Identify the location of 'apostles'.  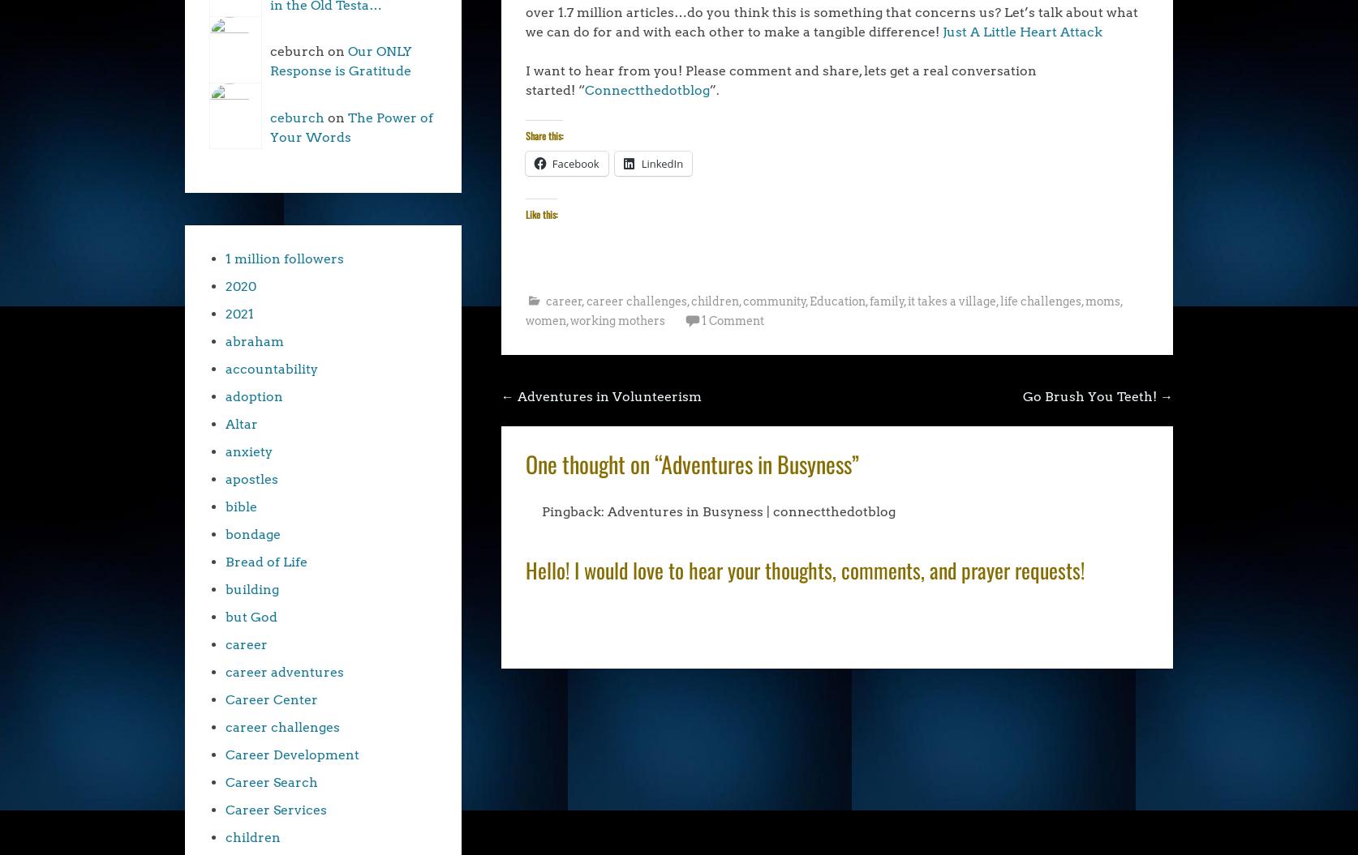
(251, 479).